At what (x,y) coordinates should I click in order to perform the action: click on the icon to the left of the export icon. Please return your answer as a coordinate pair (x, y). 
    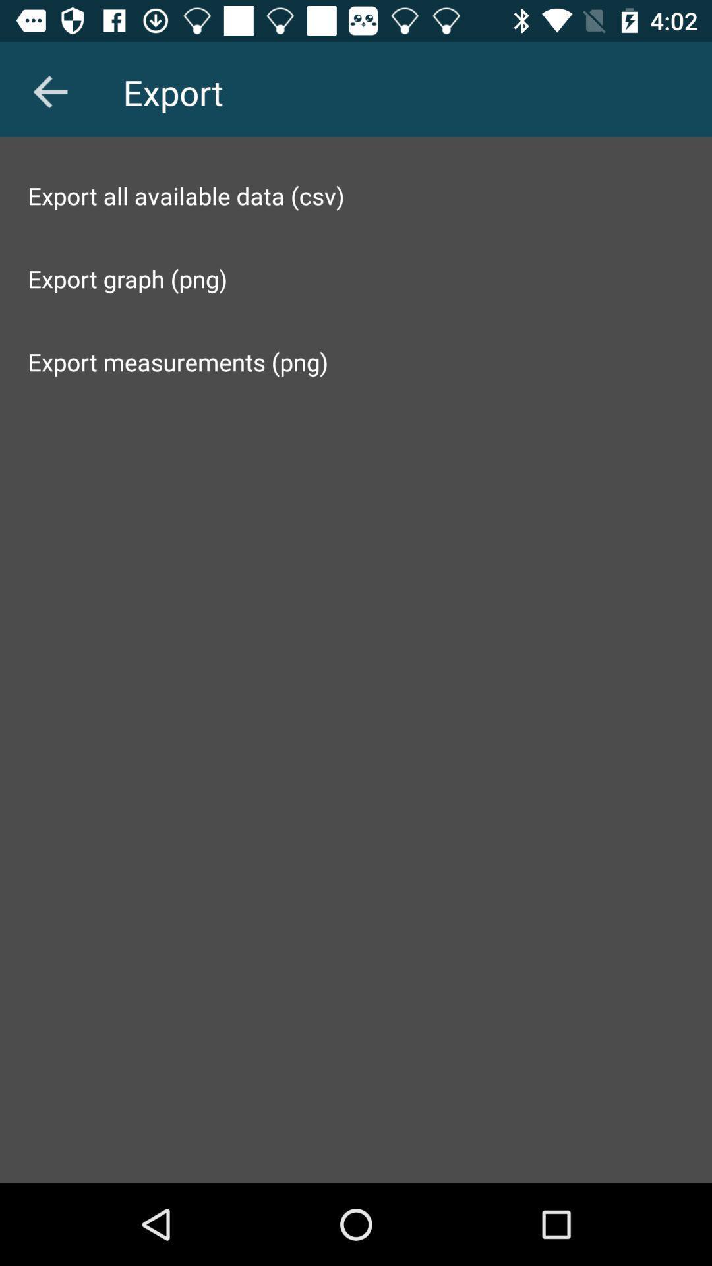
    Looking at the image, I should click on (49, 91).